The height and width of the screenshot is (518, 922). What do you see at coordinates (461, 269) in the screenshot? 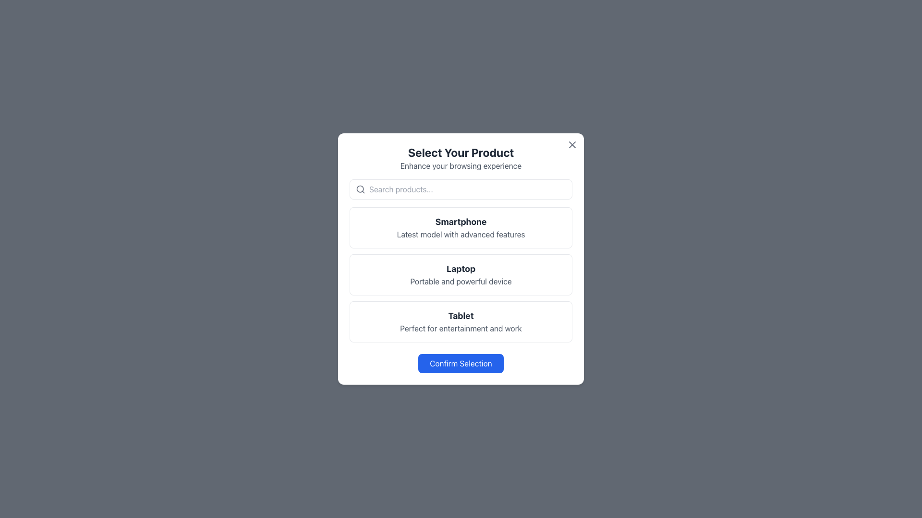
I see `the text label displaying 'Laptop' in bold, dark gray, situated centrally between 'Smartphone' and 'Tablet' within the card layout` at bounding box center [461, 269].